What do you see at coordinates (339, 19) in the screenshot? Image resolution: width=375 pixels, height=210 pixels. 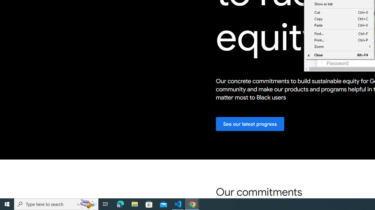 I see `'Copy	Ctrl+C'` at bounding box center [339, 19].